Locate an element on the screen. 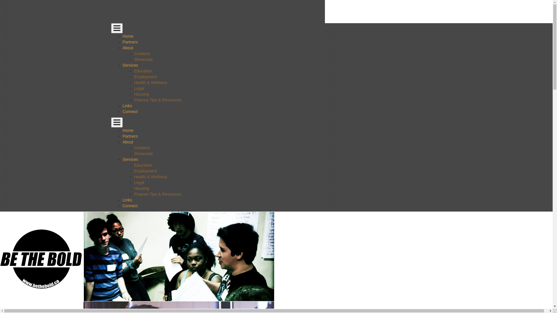 This screenshot has height=313, width=557. 'Links' is located at coordinates (127, 106).